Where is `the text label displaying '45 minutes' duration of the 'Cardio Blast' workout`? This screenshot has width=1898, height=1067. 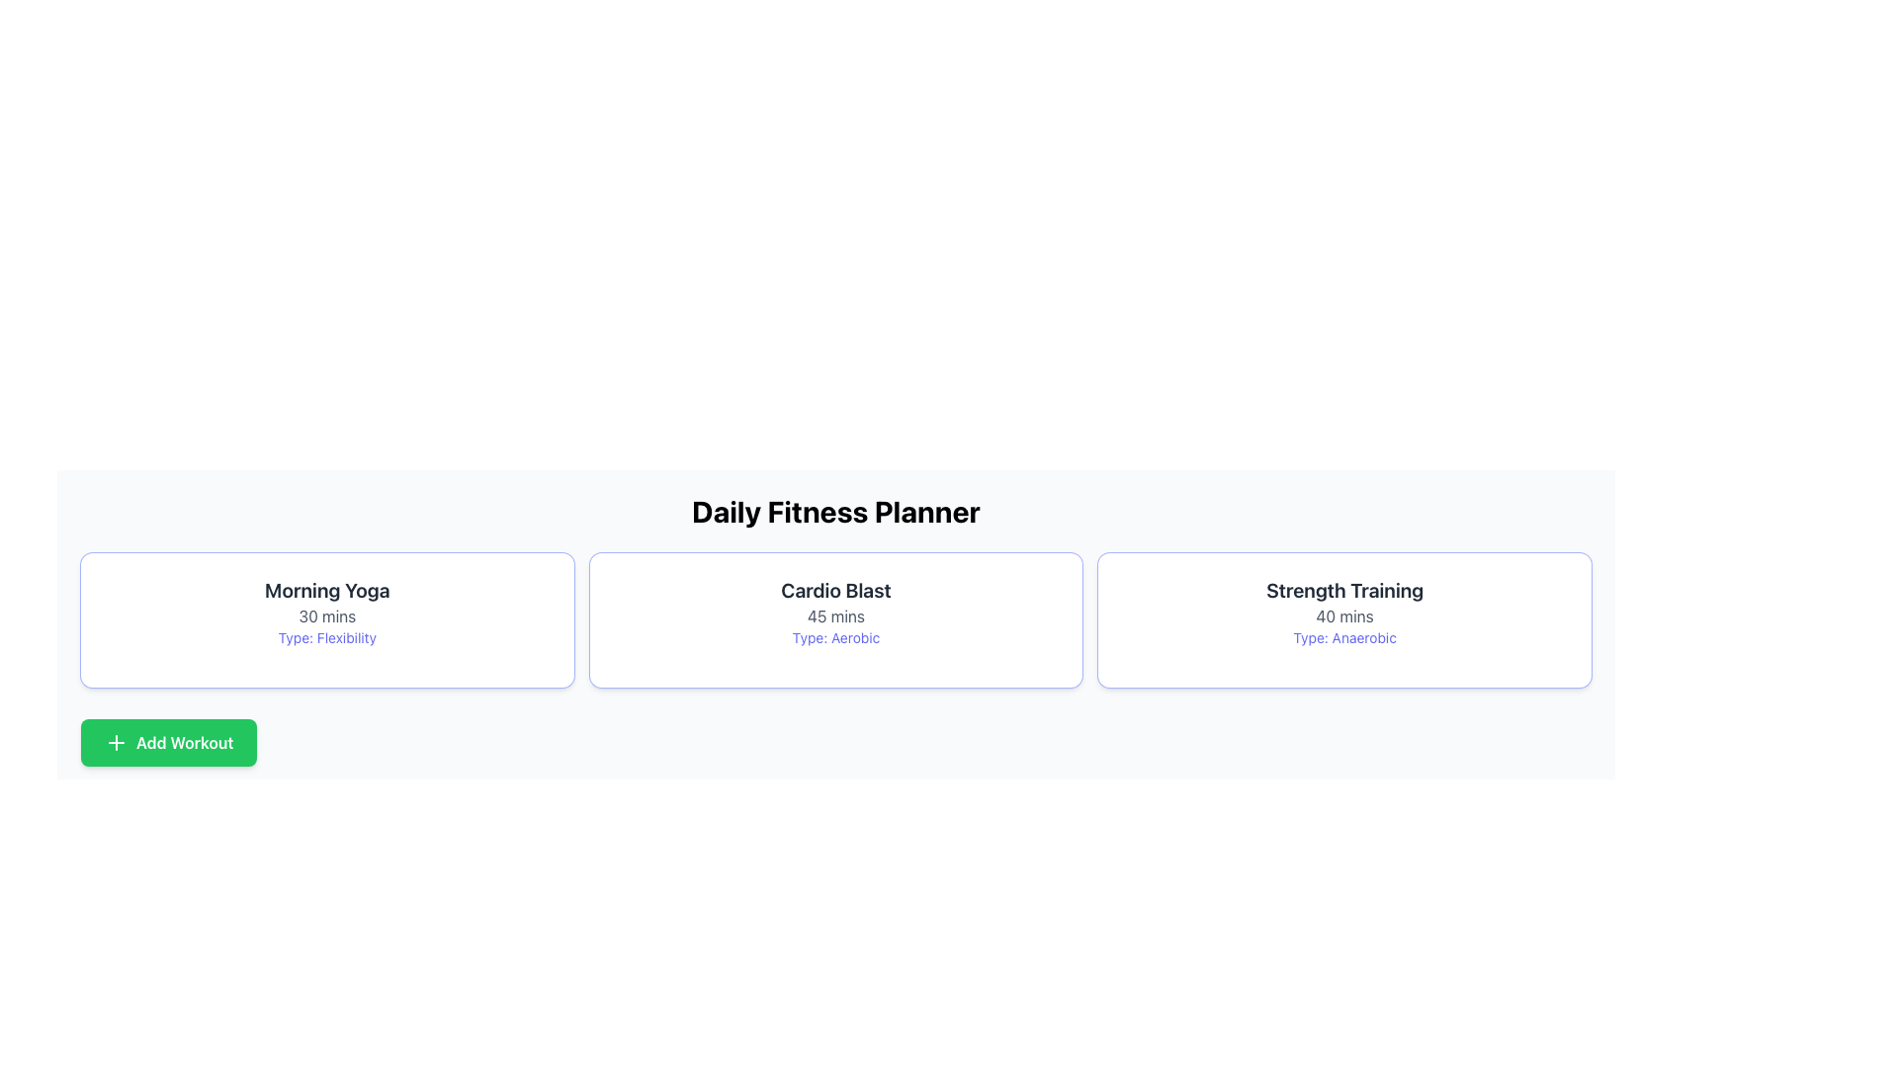
the text label displaying '45 minutes' duration of the 'Cardio Blast' workout is located at coordinates (835, 616).